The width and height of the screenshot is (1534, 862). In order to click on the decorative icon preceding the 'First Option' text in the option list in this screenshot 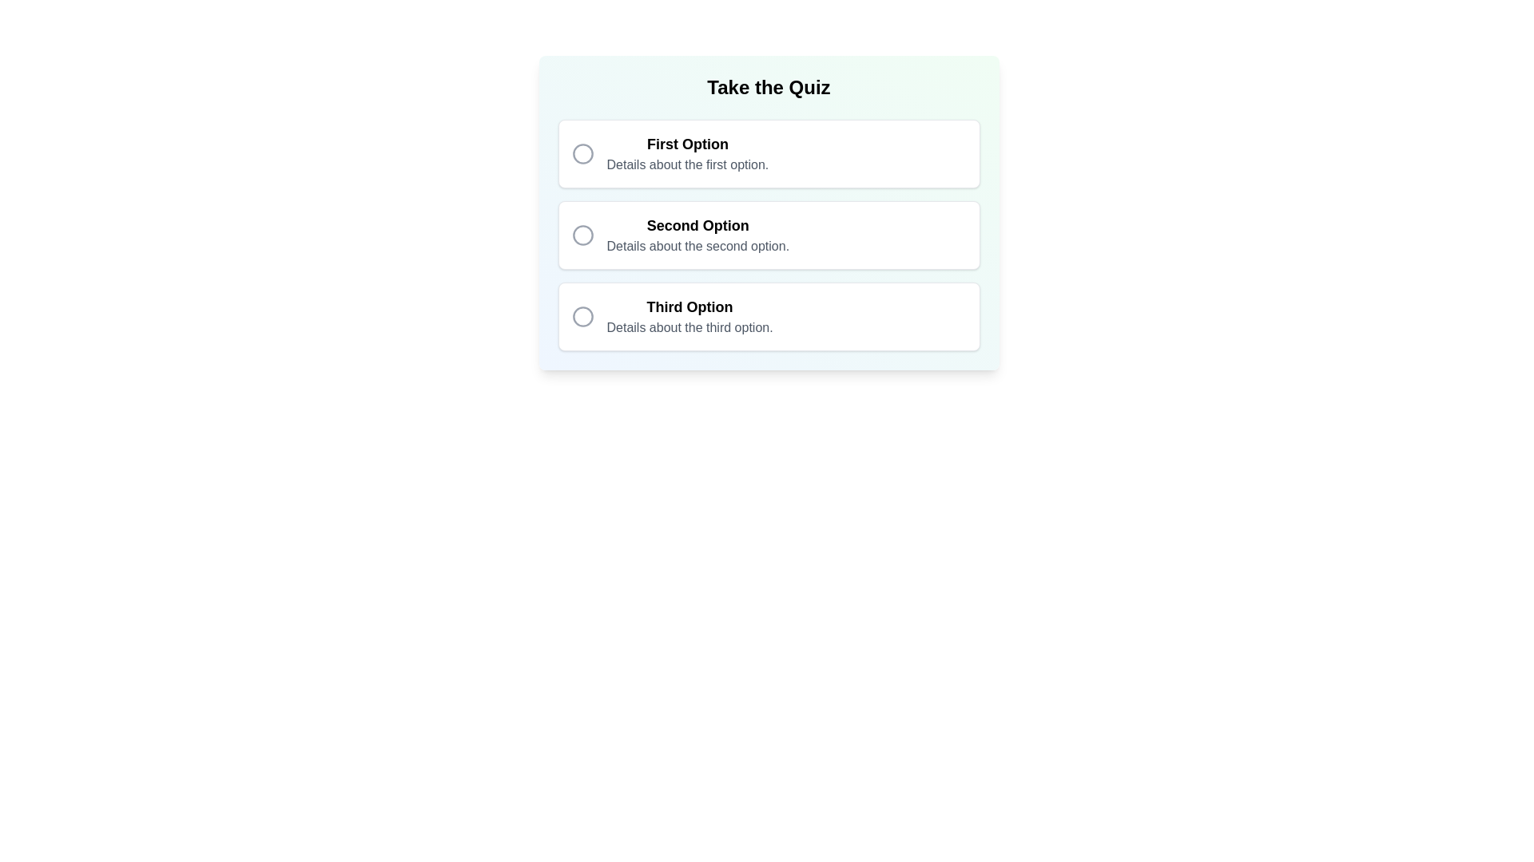, I will do `click(582, 153)`.